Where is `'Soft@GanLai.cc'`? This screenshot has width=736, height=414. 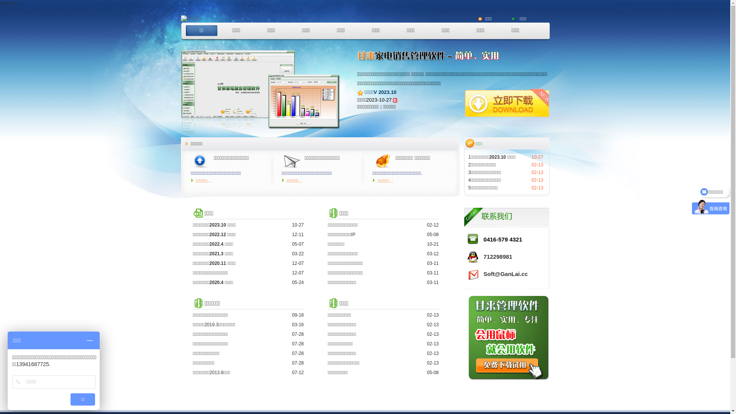
'Soft@GanLai.cc' is located at coordinates (483, 273).